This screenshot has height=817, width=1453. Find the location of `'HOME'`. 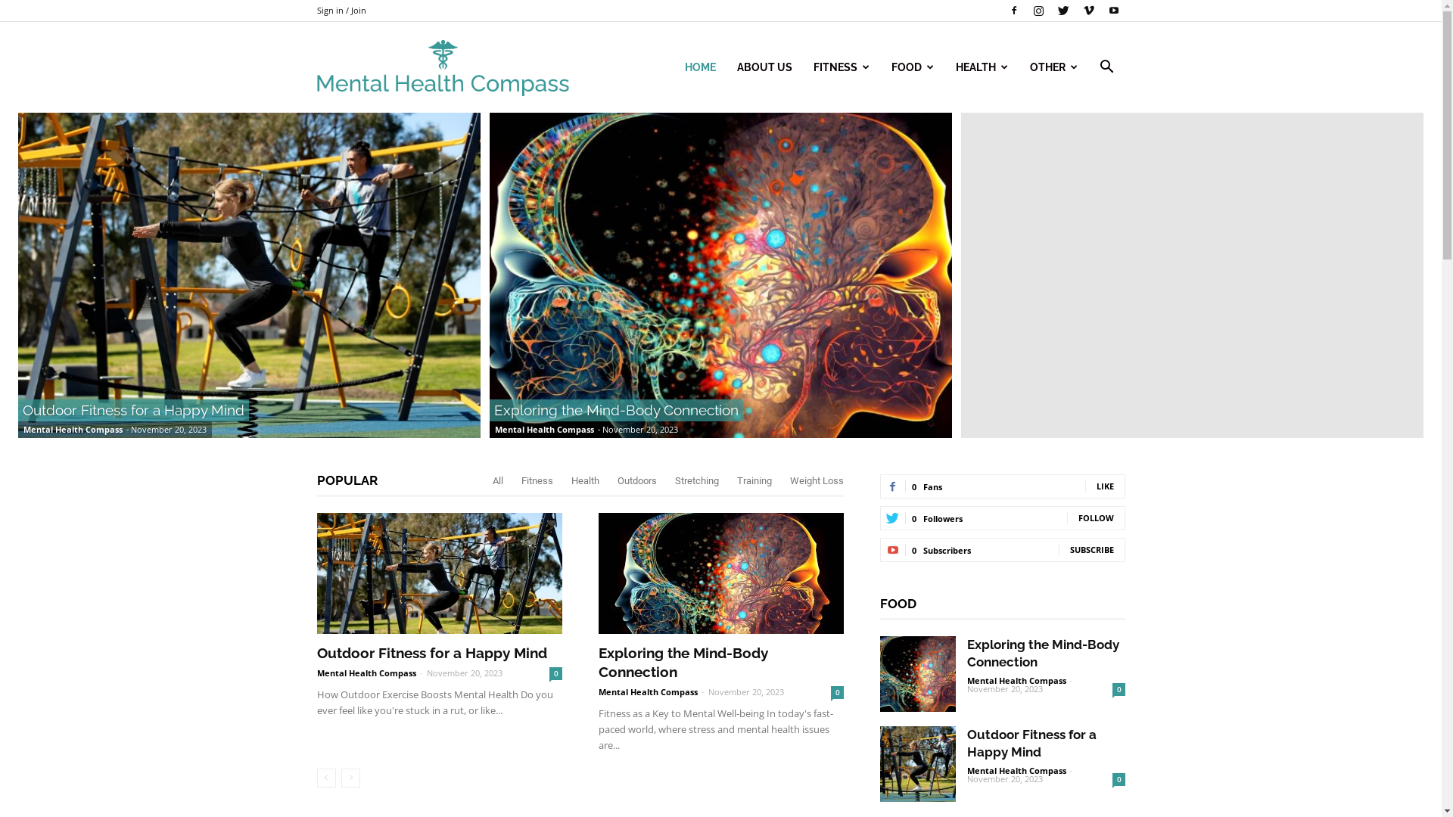

'HOME' is located at coordinates (698, 66).